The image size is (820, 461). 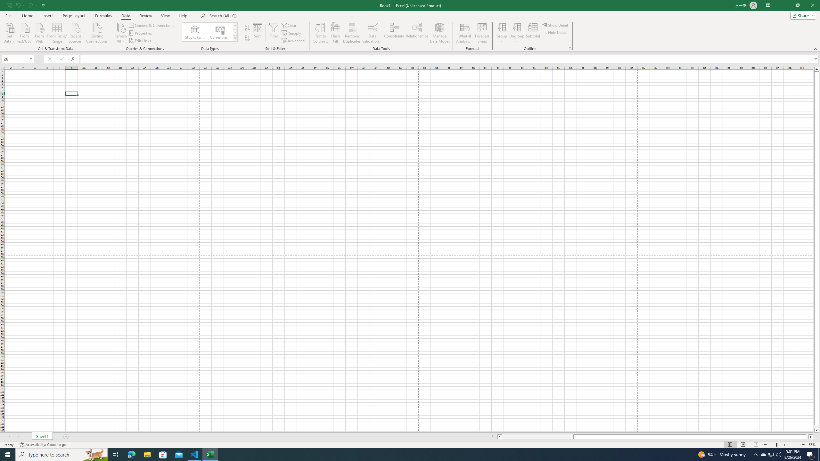 I want to click on 'Group and Outline Settings', so click(x=570, y=48).